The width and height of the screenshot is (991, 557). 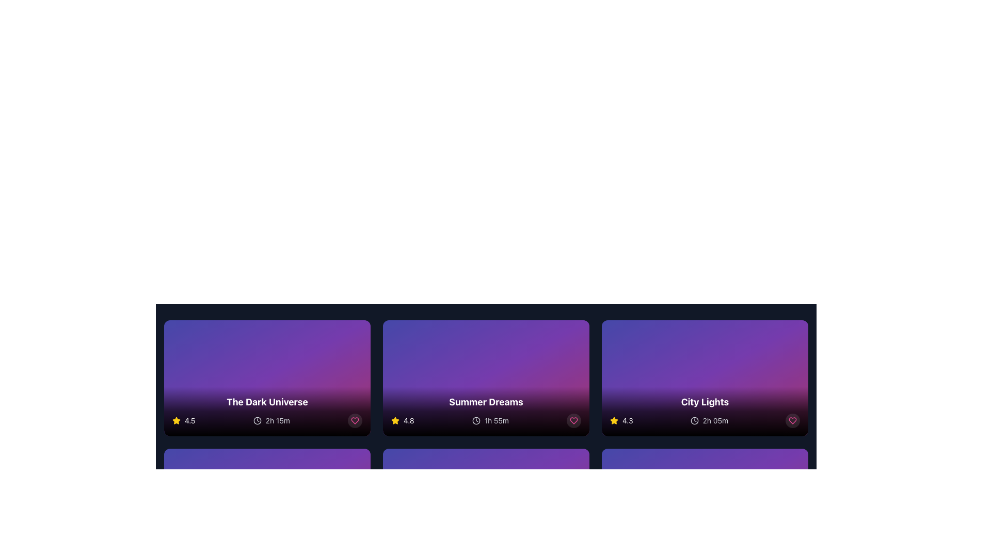 I want to click on the circle element that is part of the clock icon within the SVG, which serves as the base element of the clock, so click(x=257, y=421).